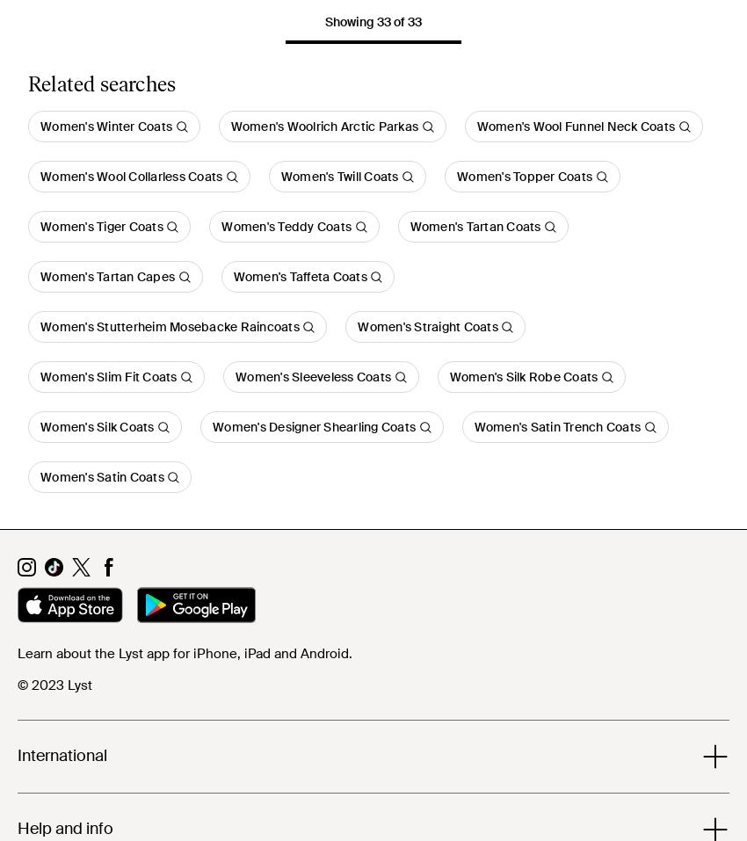 The image size is (747, 841). What do you see at coordinates (96, 426) in the screenshot?
I see `'Women's Silk Coats'` at bounding box center [96, 426].